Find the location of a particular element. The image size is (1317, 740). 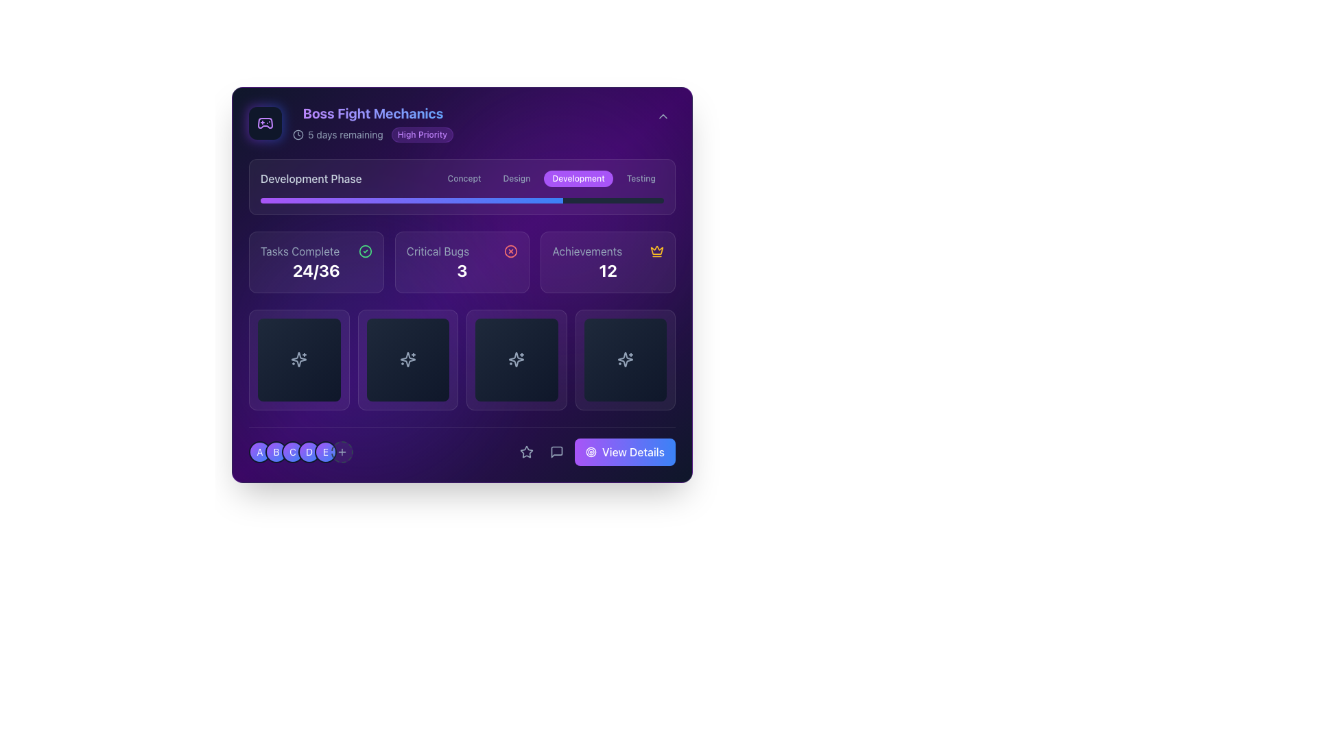

the gamepad-like icon that is purple with gradient effects, located on the top-left corner adjacent to the 'Boss Fight Mechanics' title text is located at coordinates (265, 123).